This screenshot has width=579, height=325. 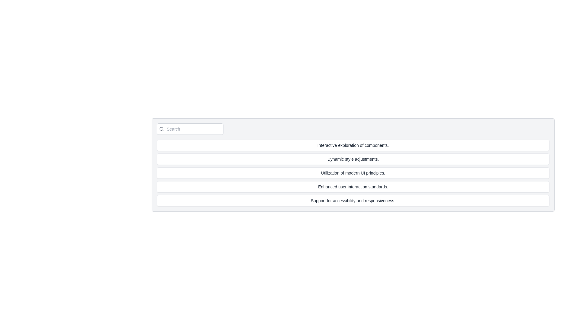 I want to click on the letter 'n' from the word 'accessibility' in the text 'Support for accessibility and responsiveness.' which is the fifth item in the vertically-aligned list, so click(x=360, y=201).